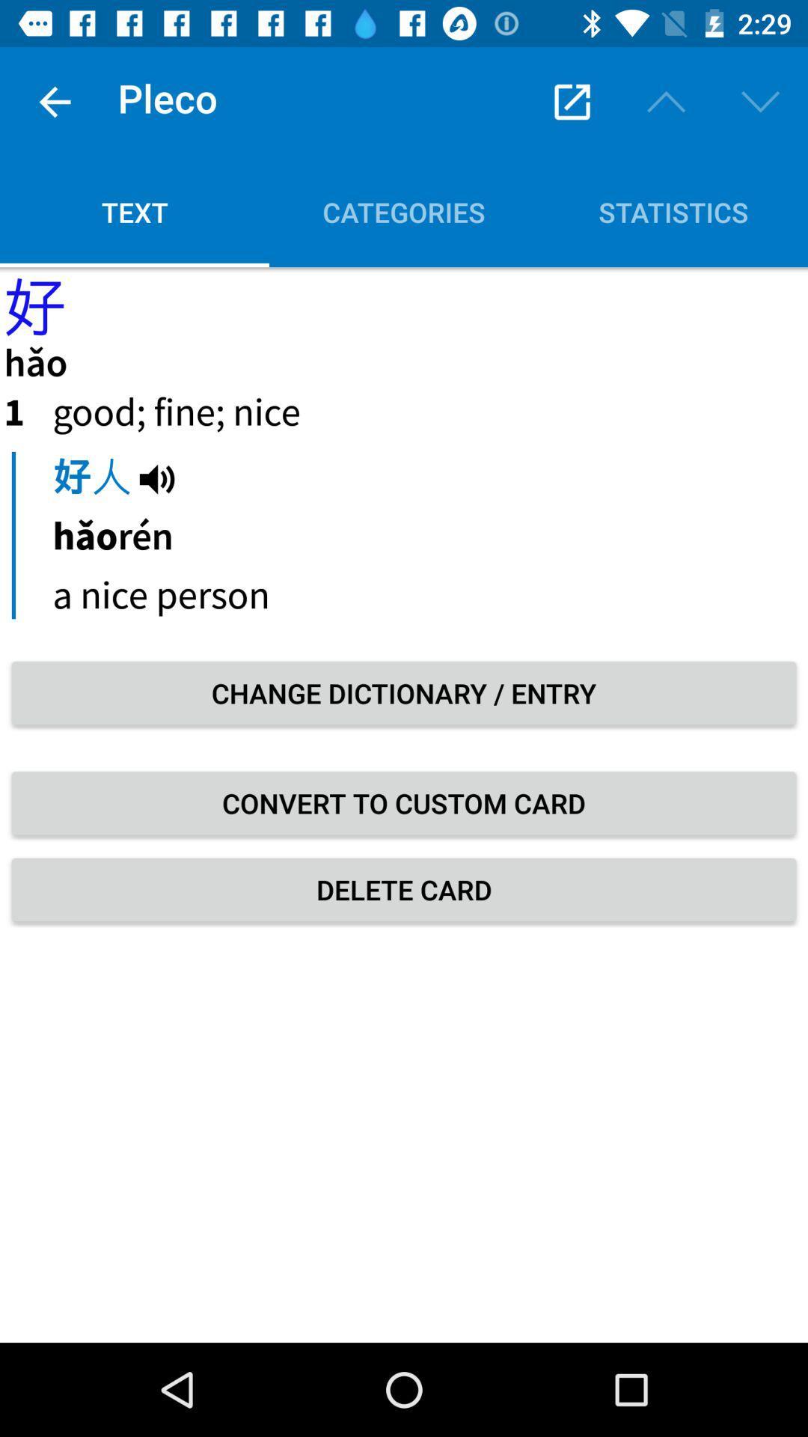 The width and height of the screenshot is (808, 1437). I want to click on icon next to the categories icon, so click(135, 211).